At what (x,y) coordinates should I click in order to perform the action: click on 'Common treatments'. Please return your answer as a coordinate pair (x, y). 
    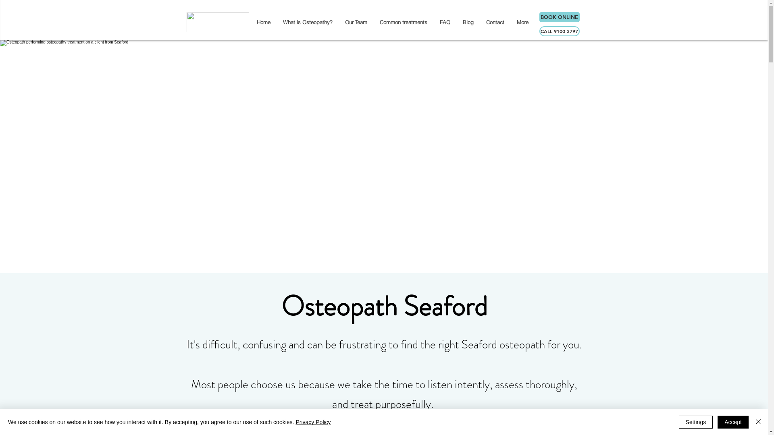
    Looking at the image, I should click on (403, 21).